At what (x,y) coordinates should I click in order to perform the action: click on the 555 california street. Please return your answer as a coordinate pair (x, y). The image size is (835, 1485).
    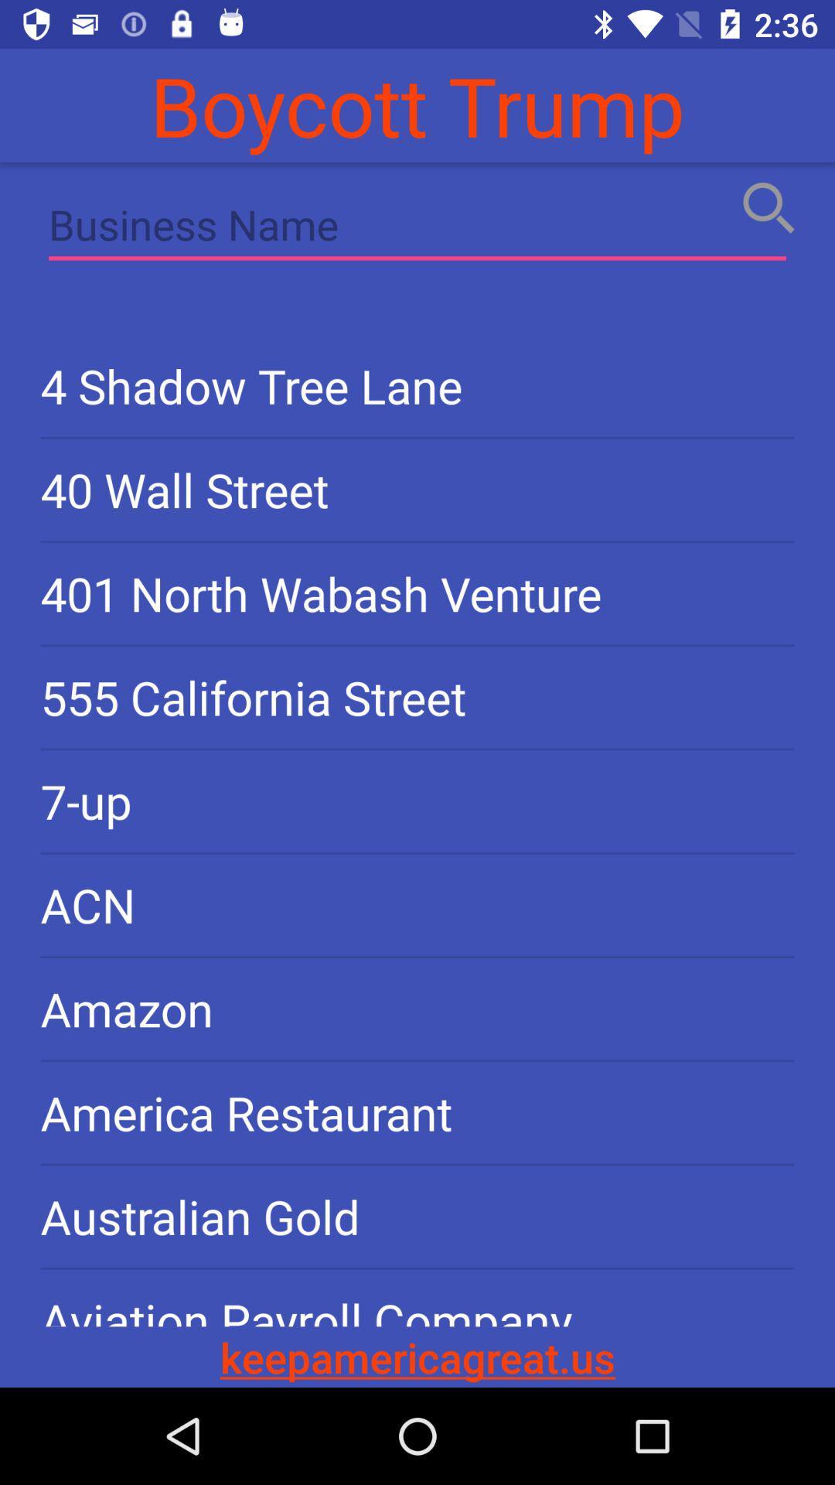
    Looking at the image, I should click on (417, 696).